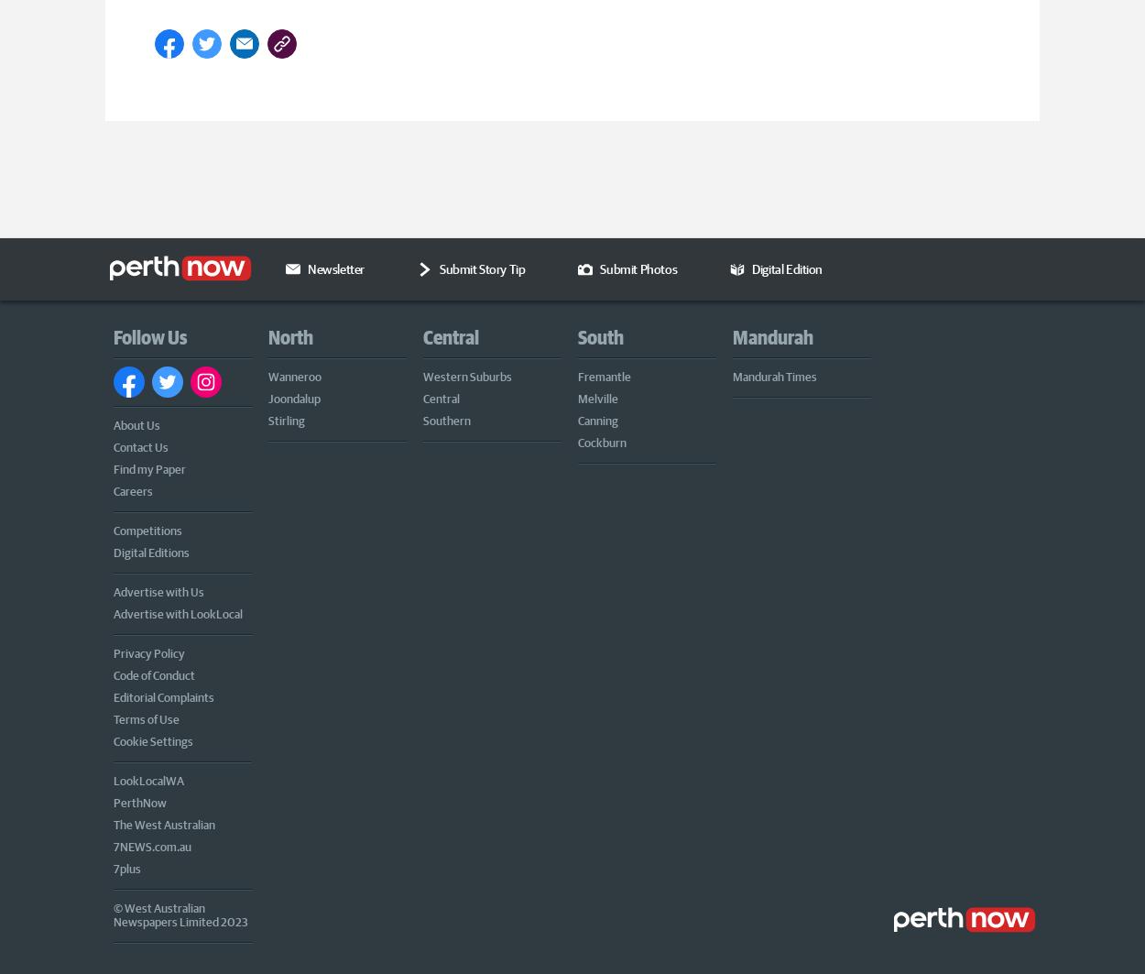 Image resolution: width=1145 pixels, height=974 pixels. I want to click on 'Careers', so click(133, 488).